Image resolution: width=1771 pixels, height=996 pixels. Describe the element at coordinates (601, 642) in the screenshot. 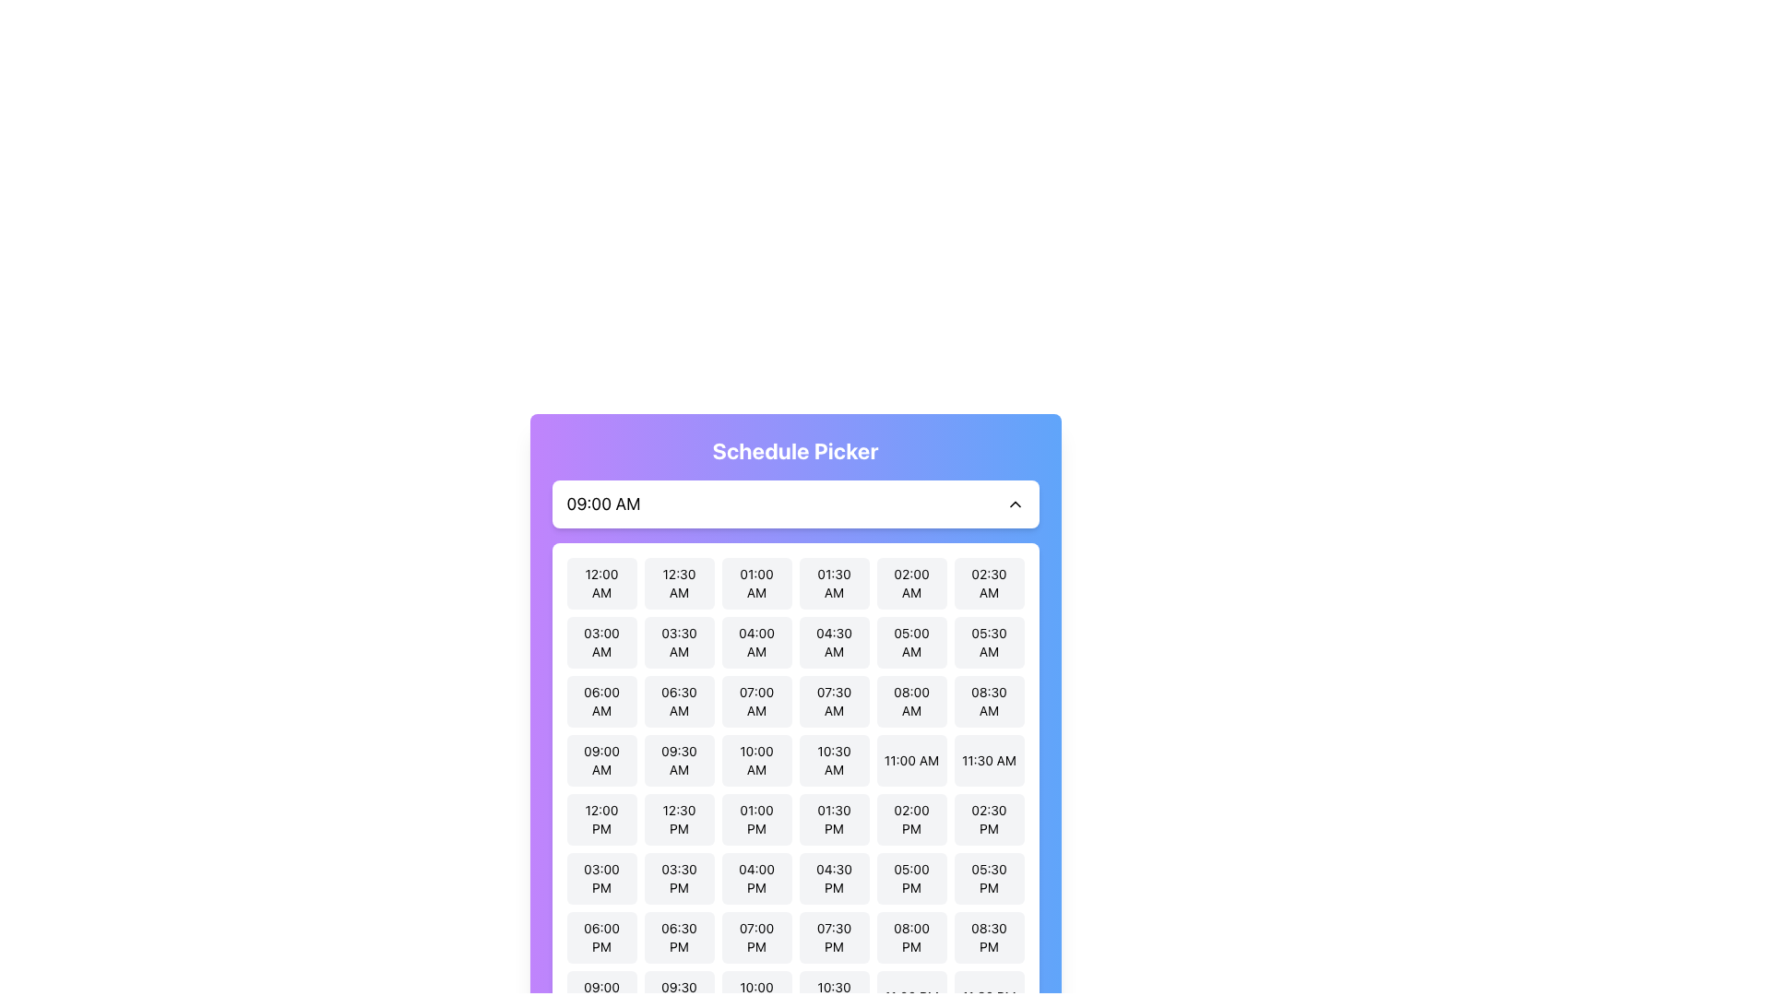

I see `the button labeled '03:00 AM', which is a rectangular button with rounded corners, located in the second row, first column of the schedule picker grid` at that location.